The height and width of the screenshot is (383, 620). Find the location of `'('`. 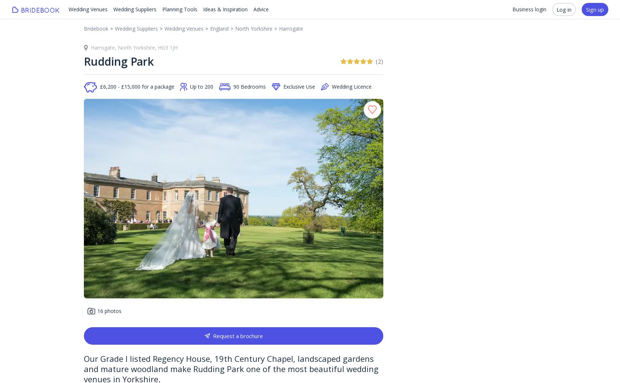

'(' is located at coordinates (376, 61).